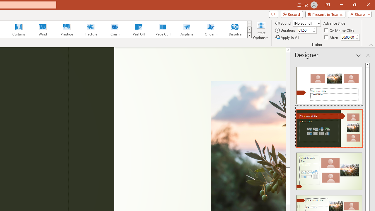 The width and height of the screenshot is (375, 211). What do you see at coordinates (67, 29) in the screenshot?
I see `'Prestige'` at bounding box center [67, 29].